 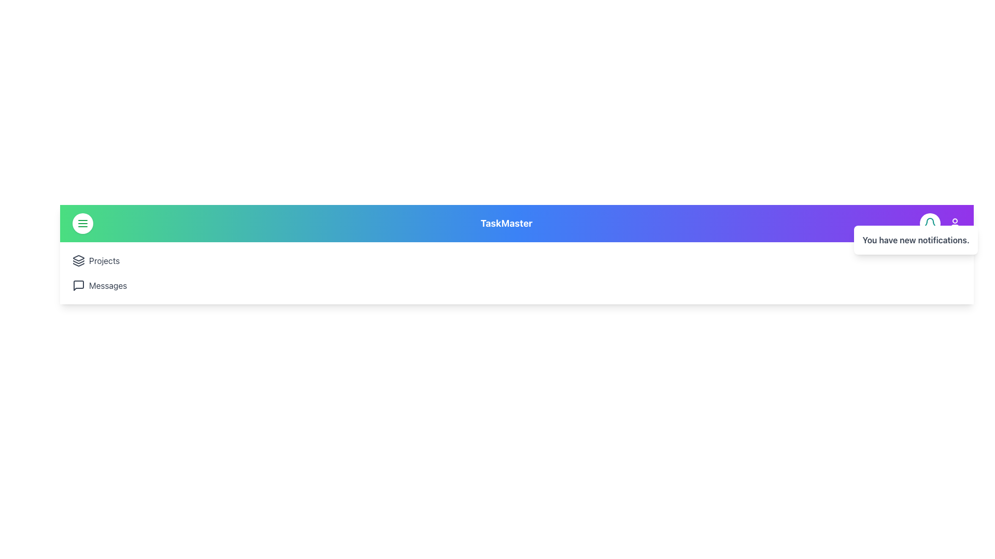 I want to click on the circular white button with a green menu icon located in the top-left corner of the interface, so click(x=82, y=223).